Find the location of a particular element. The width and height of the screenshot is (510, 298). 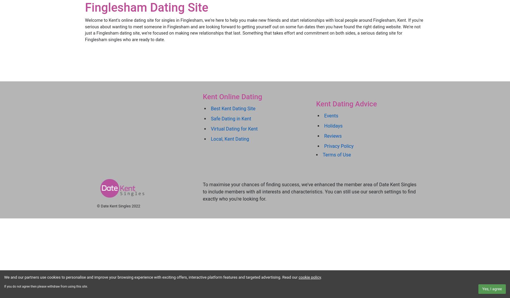

'Local, Kent Dating' is located at coordinates (230, 138).